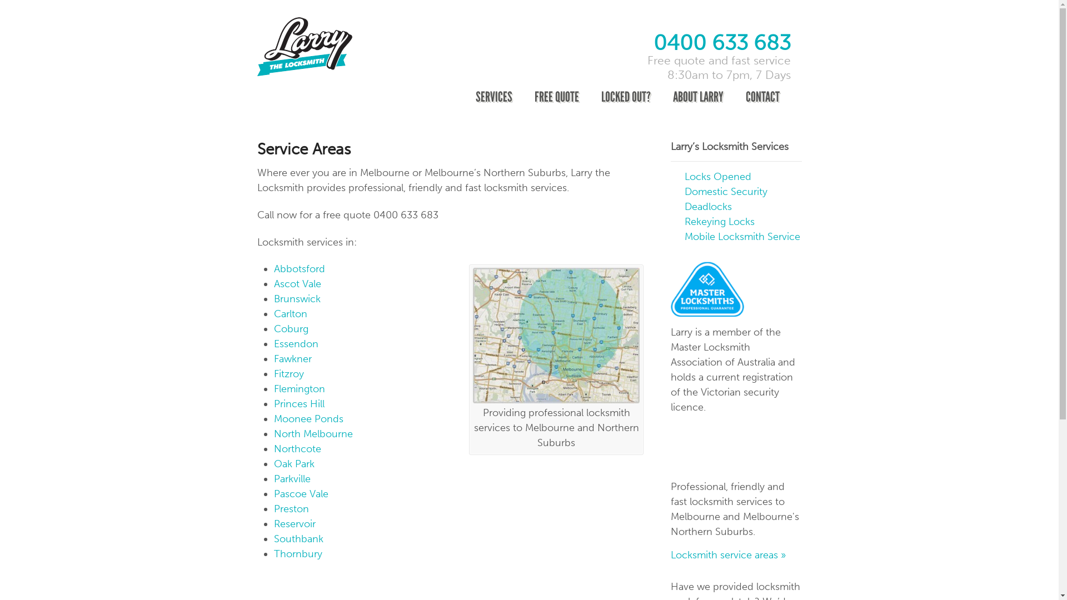 This screenshot has width=1067, height=600. I want to click on 'Thornbury', so click(297, 553).